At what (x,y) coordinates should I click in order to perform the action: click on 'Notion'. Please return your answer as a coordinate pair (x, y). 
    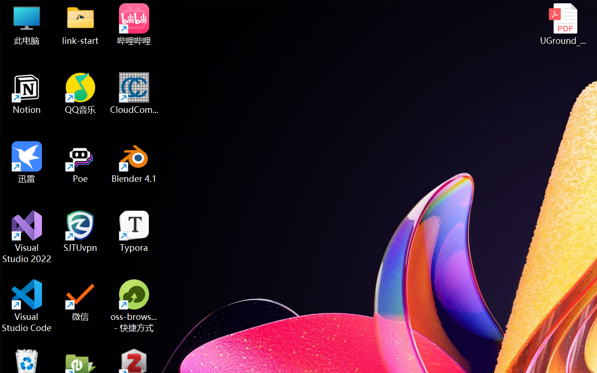
    Looking at the image, I should click on (27, 93).